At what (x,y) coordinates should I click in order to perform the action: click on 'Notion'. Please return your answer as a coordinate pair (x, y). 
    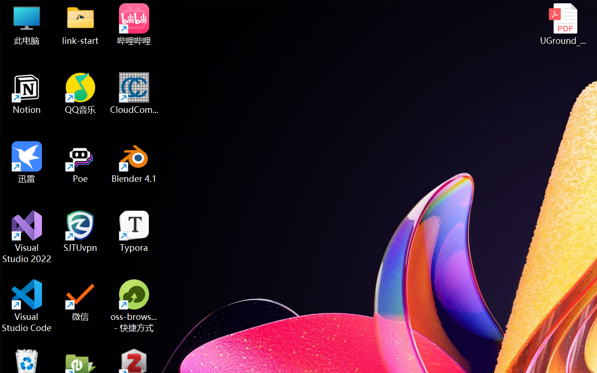
    Looking at the image, I should click on (27, 93).